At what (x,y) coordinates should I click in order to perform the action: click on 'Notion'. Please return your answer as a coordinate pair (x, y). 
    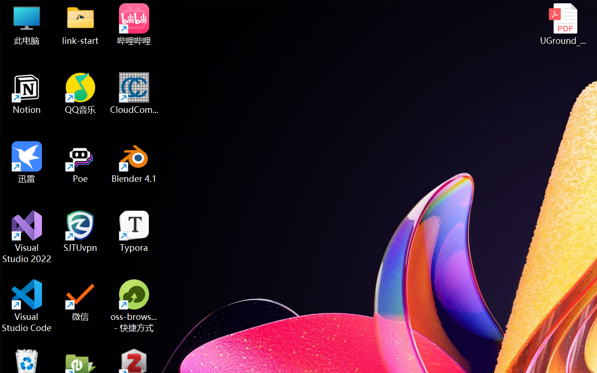
    Looking at the image, I should click on (27, 93).